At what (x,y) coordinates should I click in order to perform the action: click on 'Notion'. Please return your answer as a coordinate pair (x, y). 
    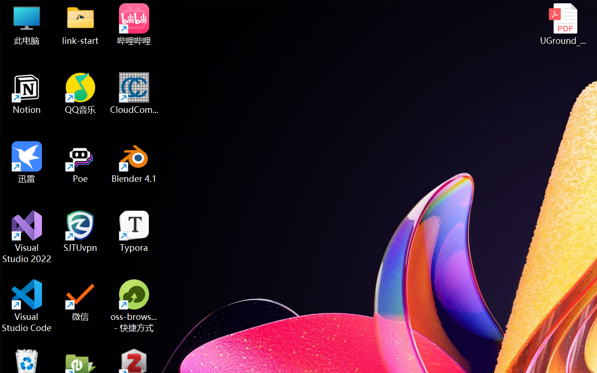
    Looking at the image, I should click on (27, 93).